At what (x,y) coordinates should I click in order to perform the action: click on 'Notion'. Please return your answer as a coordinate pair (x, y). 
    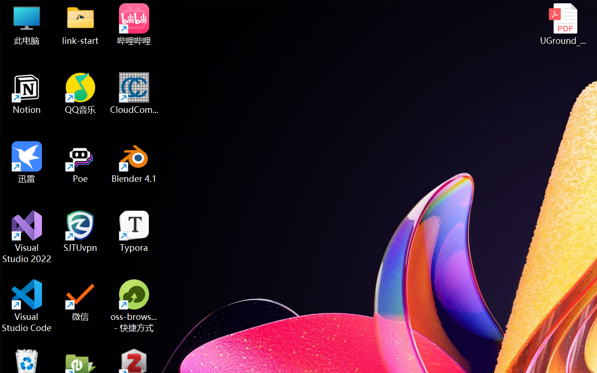
    Looking at the image, I should click on (27, 93).